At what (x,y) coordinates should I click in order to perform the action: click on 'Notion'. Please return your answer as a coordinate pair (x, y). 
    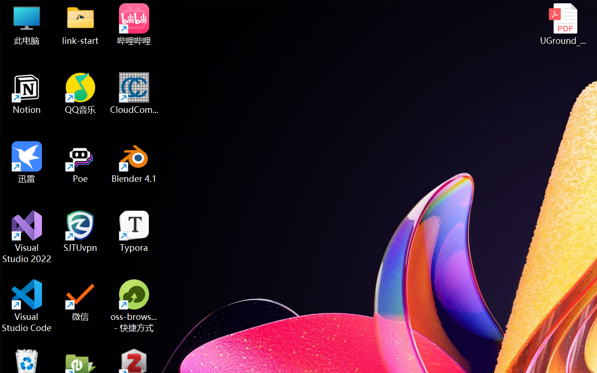
    Looking at the image, I should click on (27, 93).